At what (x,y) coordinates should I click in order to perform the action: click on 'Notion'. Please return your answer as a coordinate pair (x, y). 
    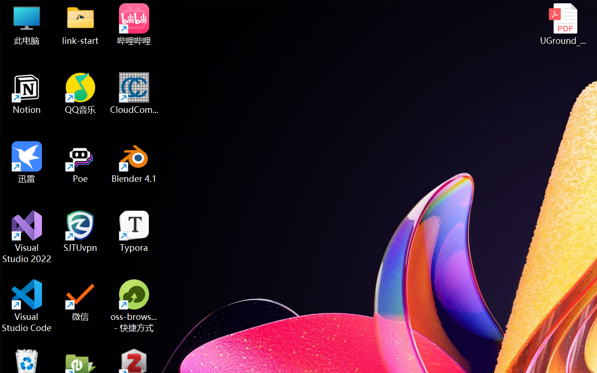
    Looking at the image, I should click on (27, 93).